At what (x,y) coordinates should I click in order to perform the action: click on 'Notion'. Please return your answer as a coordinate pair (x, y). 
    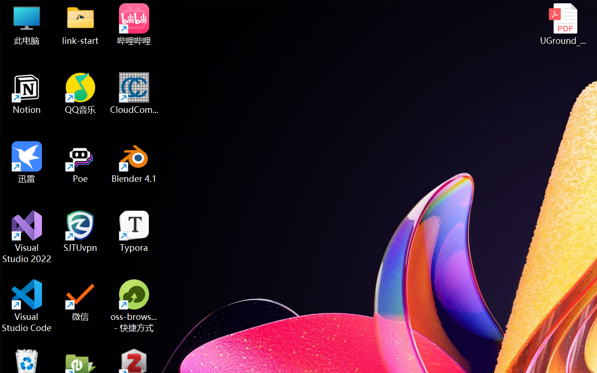
    Looking at the image, I should click on (27, 93).